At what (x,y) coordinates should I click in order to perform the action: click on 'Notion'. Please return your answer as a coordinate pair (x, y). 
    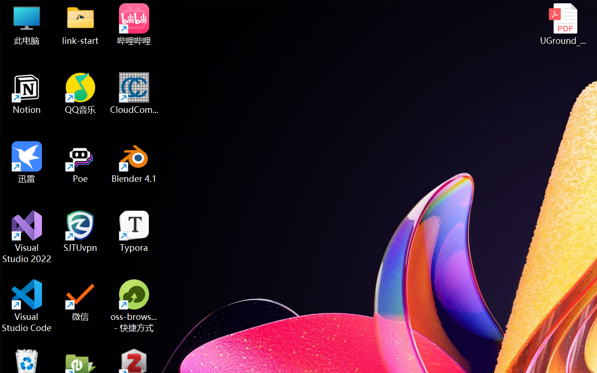
    Looking at the image, I should click on (27, 93).